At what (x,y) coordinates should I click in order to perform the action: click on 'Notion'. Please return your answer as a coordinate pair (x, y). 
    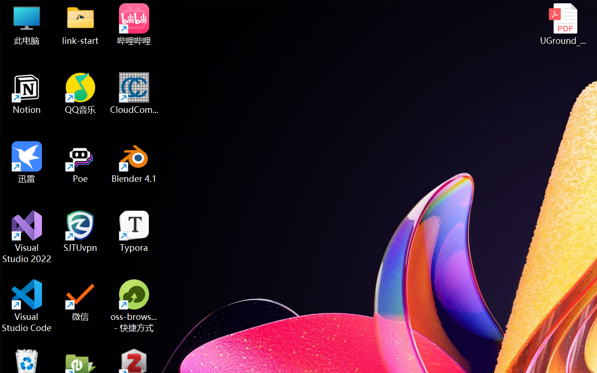
    Looking at the image, I should click on (27, 93).